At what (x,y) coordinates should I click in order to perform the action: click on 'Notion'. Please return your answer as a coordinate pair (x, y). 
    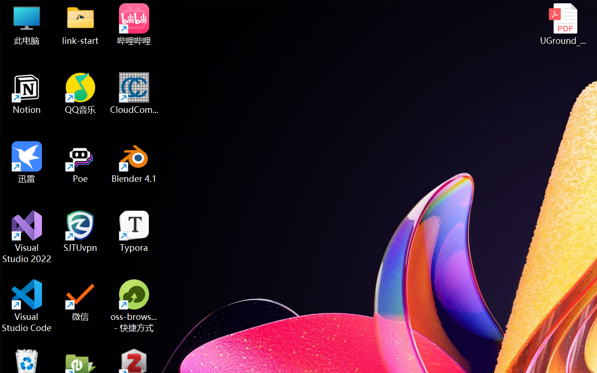
    Looking at the image, I should click on (27, 93).